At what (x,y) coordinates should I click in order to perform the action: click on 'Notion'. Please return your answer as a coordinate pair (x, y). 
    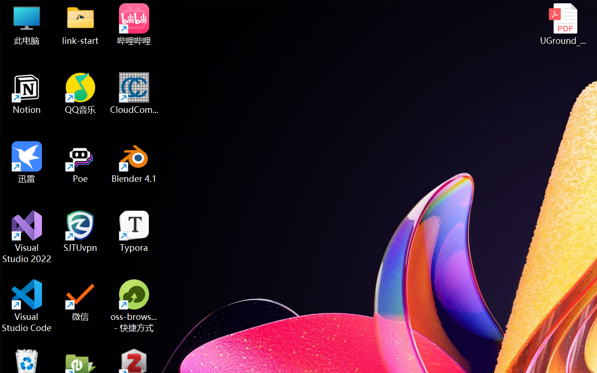
    Looking at the image, I should click on (27, 93).